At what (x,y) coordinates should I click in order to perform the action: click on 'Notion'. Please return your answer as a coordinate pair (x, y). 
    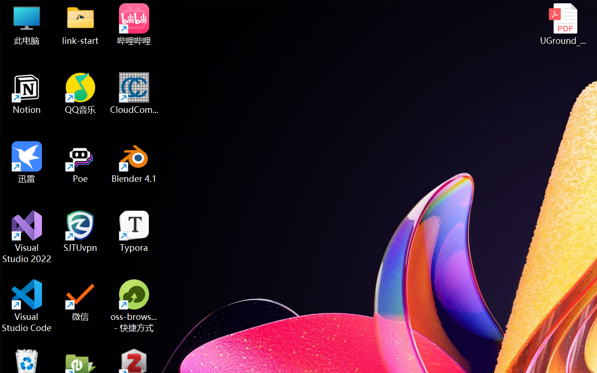
    Looking at the image, I should click on (27, 93).